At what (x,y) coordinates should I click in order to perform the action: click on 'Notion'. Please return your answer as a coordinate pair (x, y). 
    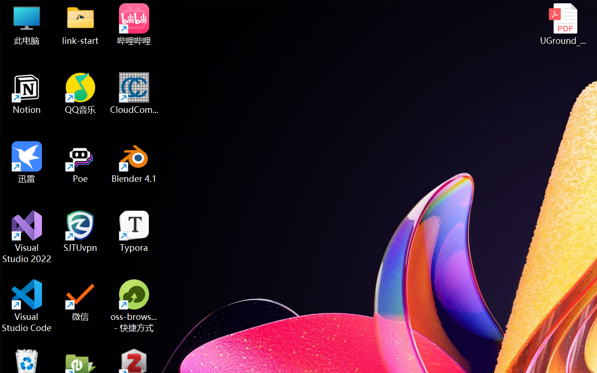
    Looking at the image, I should click on (27, 93).